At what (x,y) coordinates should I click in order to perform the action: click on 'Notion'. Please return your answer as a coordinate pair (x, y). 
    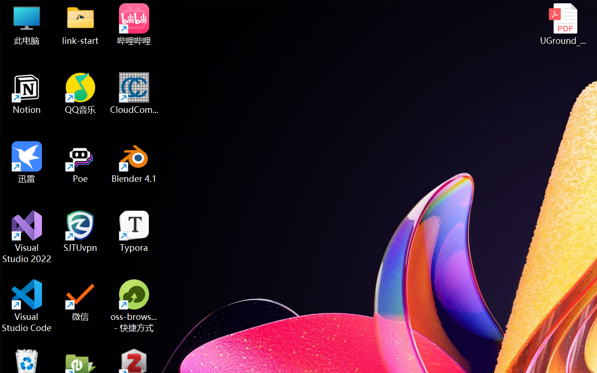
    Looking at the image, I should click on (27, 93).